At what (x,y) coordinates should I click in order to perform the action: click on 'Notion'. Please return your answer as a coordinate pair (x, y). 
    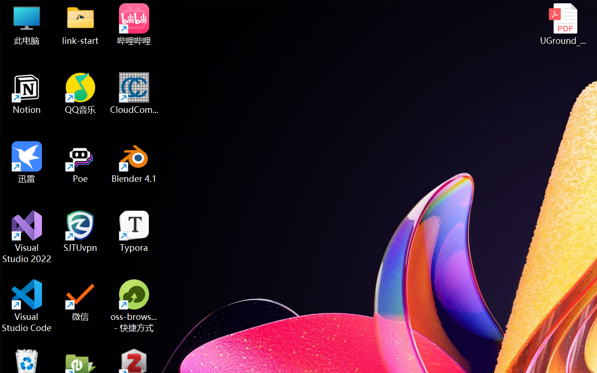
    Looking at the image, I should click on (27, 93).